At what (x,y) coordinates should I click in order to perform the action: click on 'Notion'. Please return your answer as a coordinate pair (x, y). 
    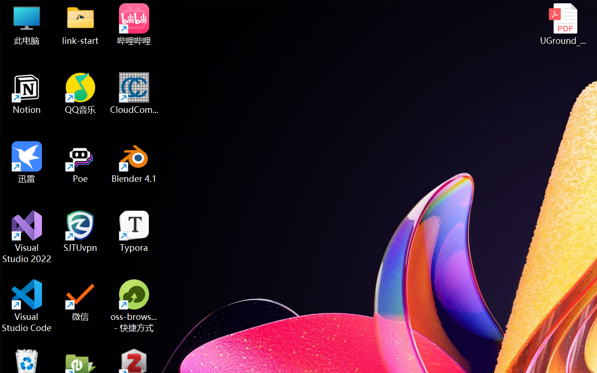
    Looking at the image, I should click on (27, 93).